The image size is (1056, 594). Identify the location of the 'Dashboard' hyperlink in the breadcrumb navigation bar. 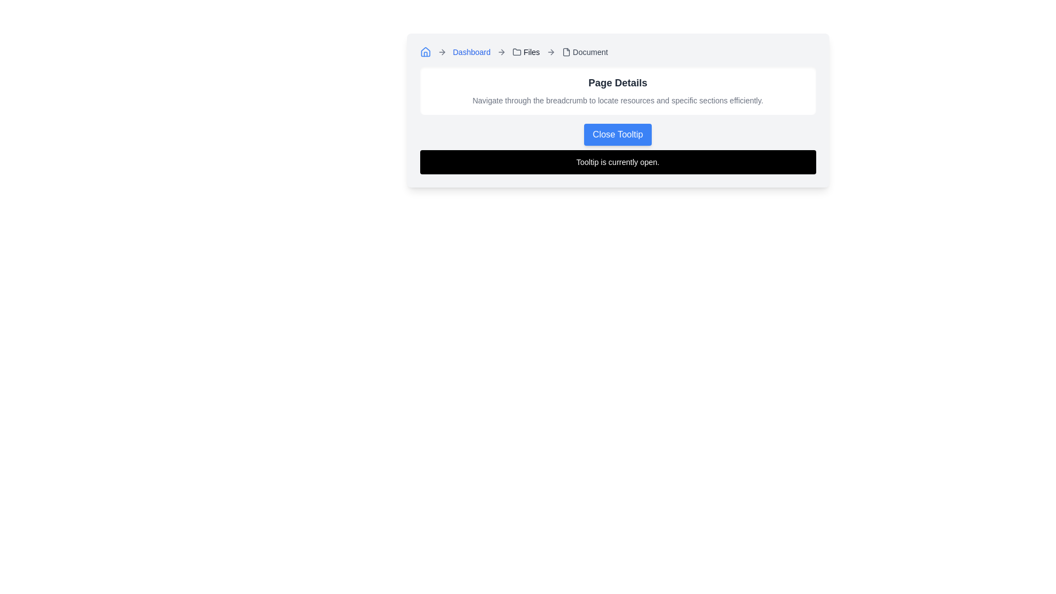
(471, 52).